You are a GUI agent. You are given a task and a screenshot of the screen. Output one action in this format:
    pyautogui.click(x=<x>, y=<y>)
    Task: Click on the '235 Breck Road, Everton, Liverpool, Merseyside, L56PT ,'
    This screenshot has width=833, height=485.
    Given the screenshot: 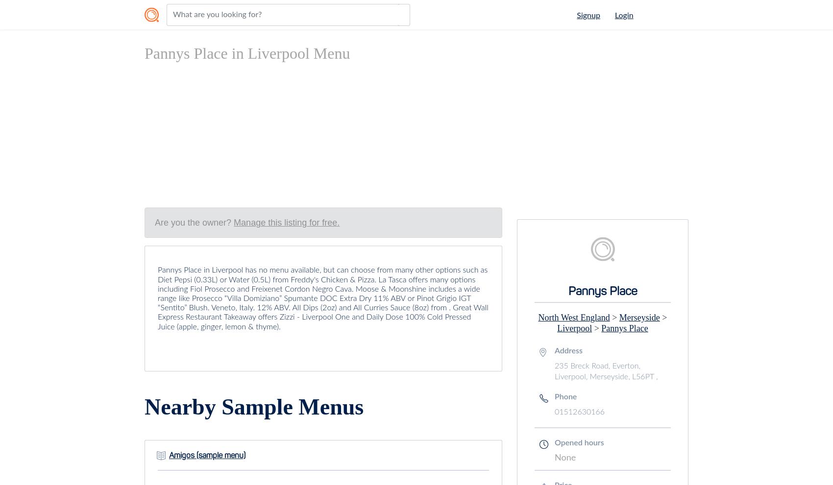 What is the action you would take?
    pyautogui.click(x=605, y=370)
    